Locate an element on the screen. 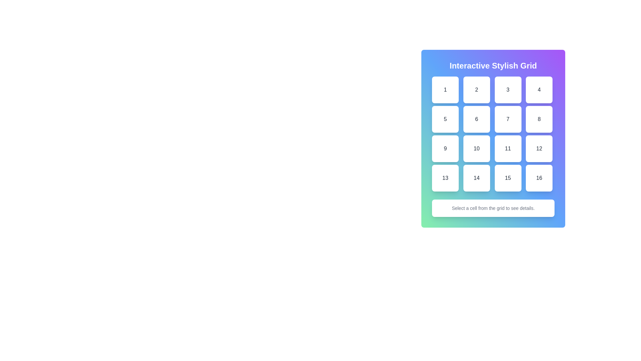 Image resolution: width=641 pixels, height=361 pixels. the interactive grid cell located in the thirteenth position of a 4x4 grid, which is in the bottom-left corner of the grid is located at coordinates (445, 177).